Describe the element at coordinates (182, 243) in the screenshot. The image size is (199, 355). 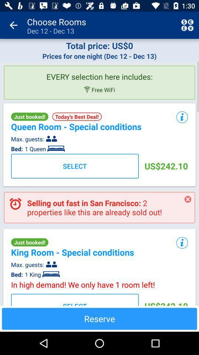
I see `the icon next to the king room special item` at that location.